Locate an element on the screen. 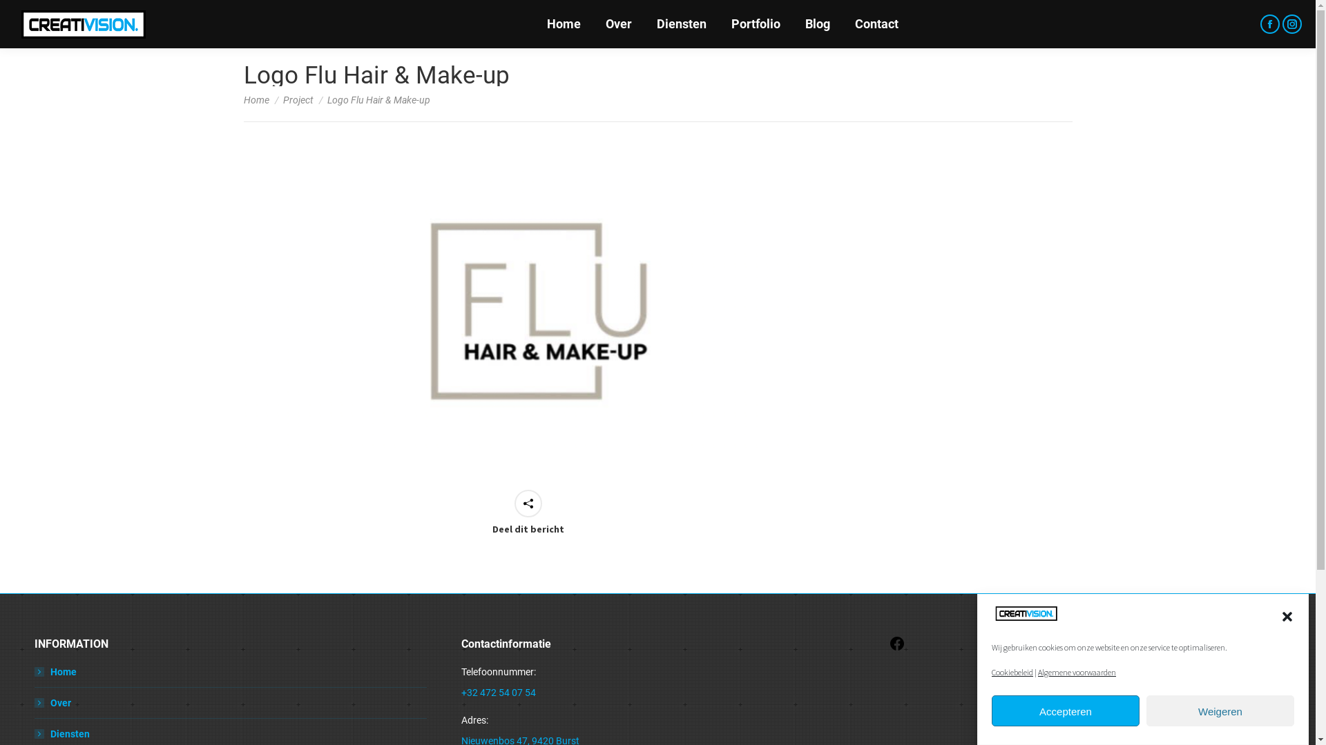 The width and height of the screenshot is (1326, 745). 'Over' is located at coordinates (52, 702).